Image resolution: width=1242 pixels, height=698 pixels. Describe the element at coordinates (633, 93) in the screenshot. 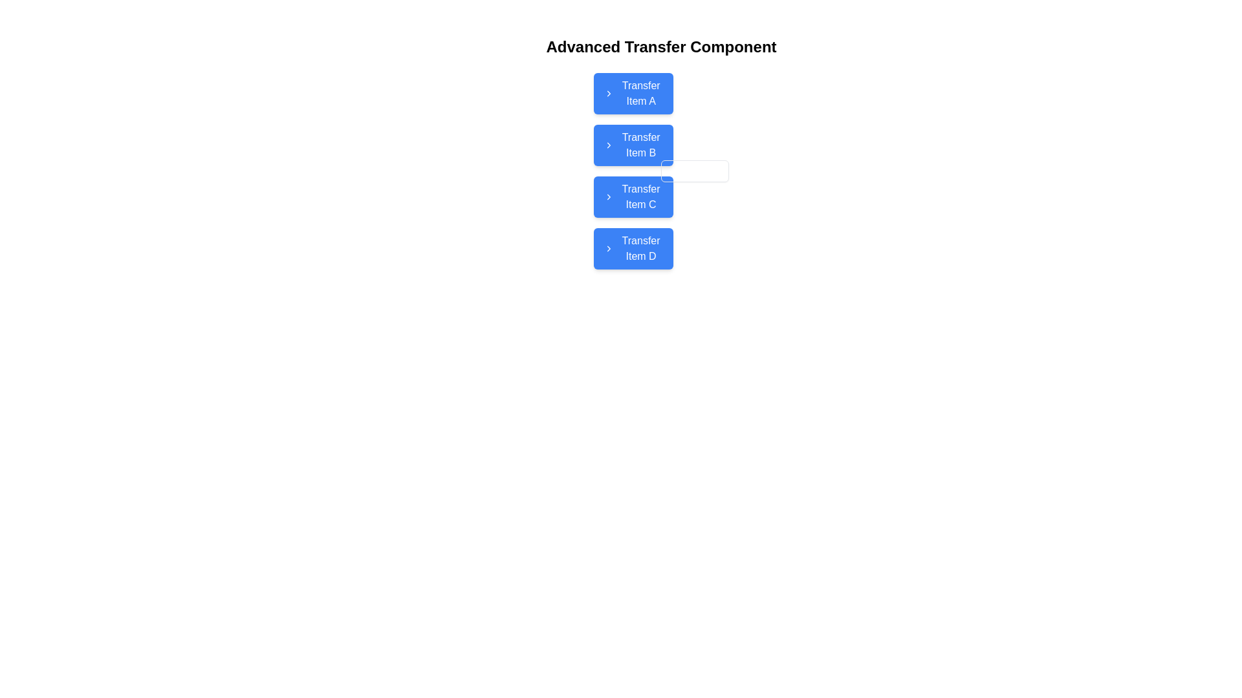

I see `the first button labeled 'Transfer Item A' to initiate the transfer action` at that location.